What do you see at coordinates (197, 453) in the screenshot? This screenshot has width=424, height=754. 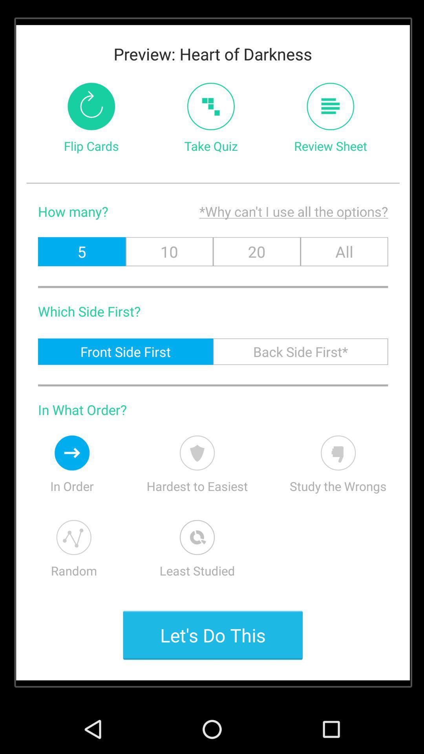 I see `hardest to easiest option` at bounding box center [197, 453].